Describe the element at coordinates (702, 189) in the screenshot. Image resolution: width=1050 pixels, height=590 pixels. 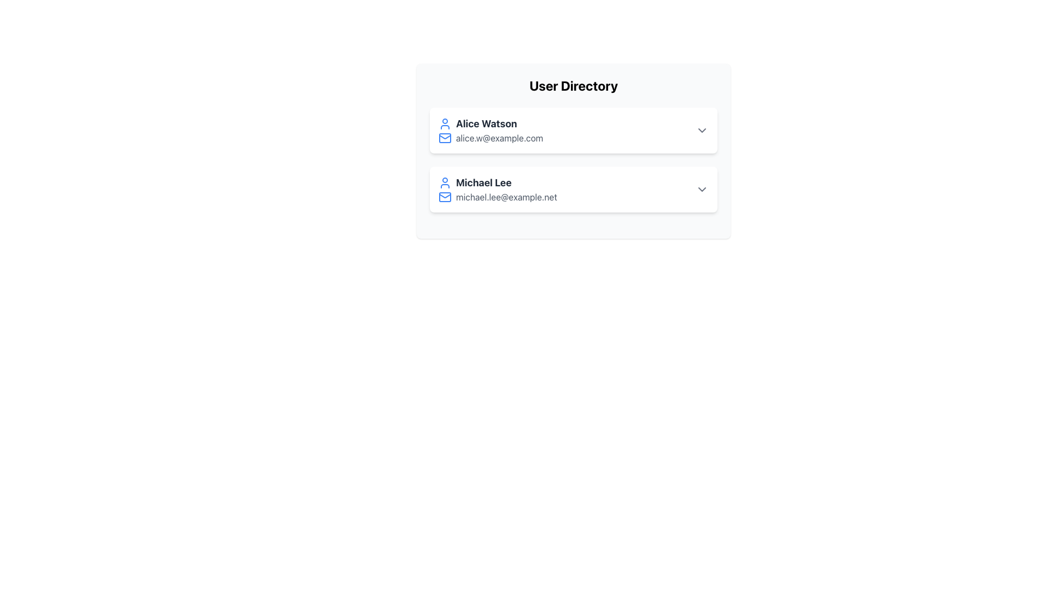
I see `the chevron-down icon located at the far right of the user entry for 'Michael Lee'` at that location.